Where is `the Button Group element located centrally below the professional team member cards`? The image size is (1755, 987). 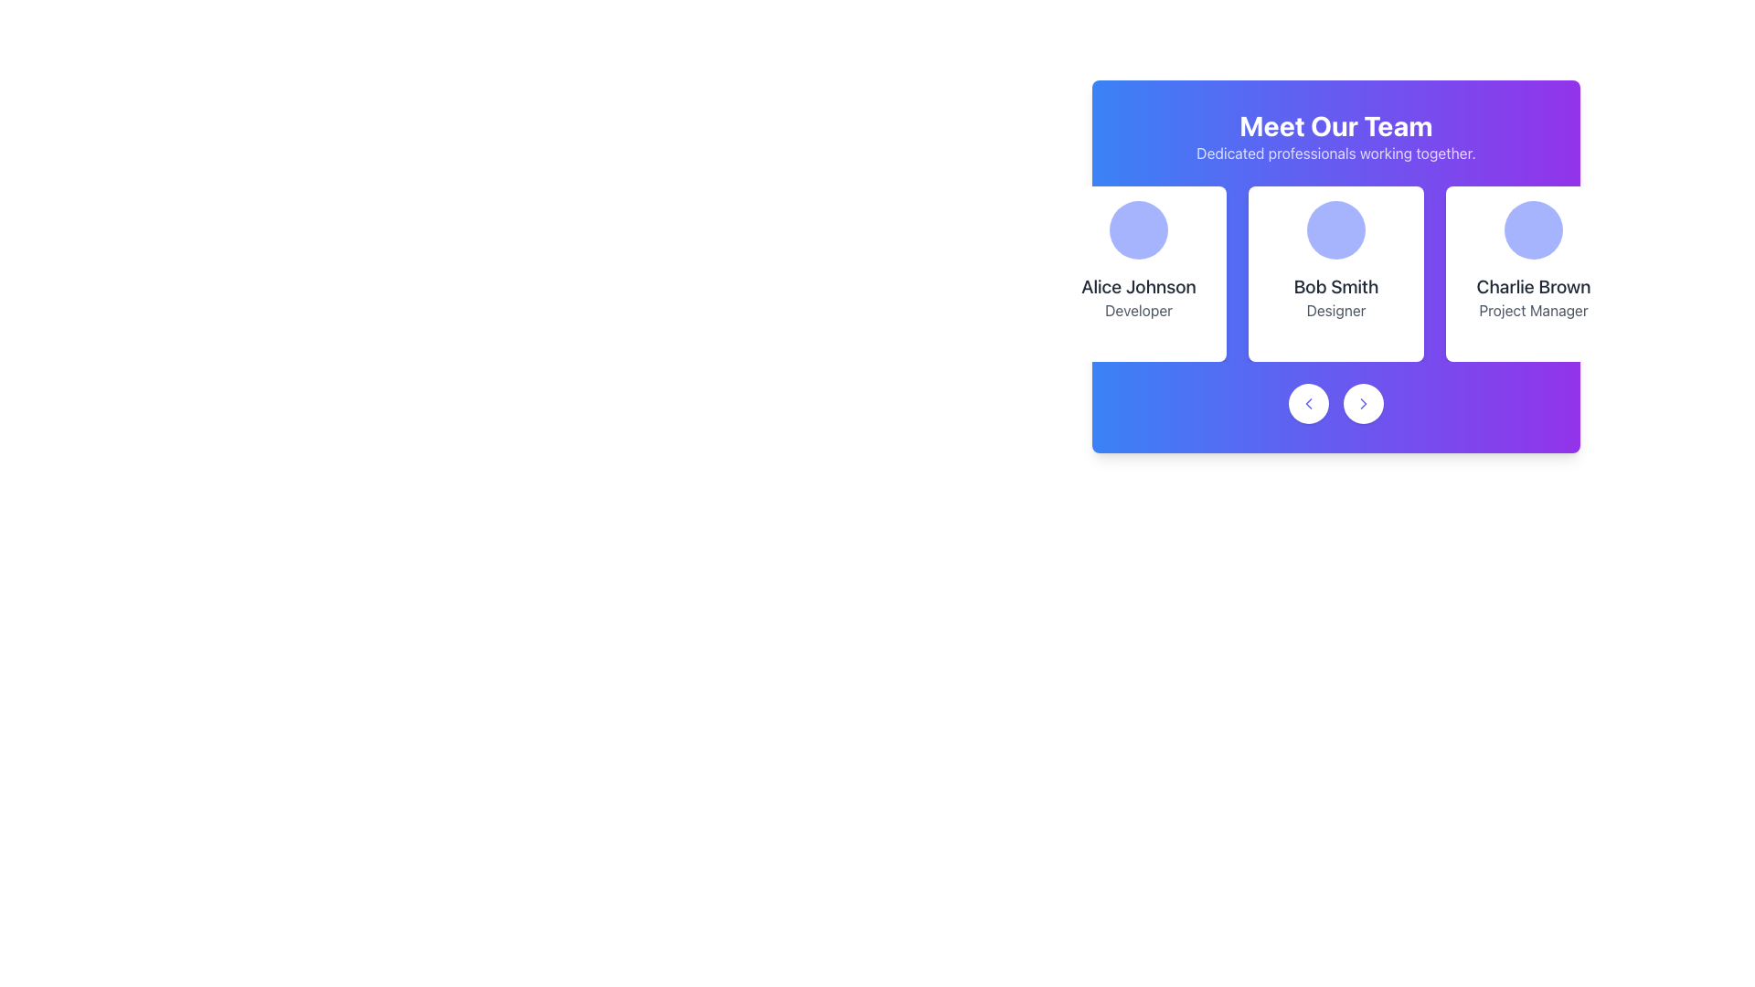
the Button Group element located centrally below the professional team member cards is located at coordinates (1336, 403).